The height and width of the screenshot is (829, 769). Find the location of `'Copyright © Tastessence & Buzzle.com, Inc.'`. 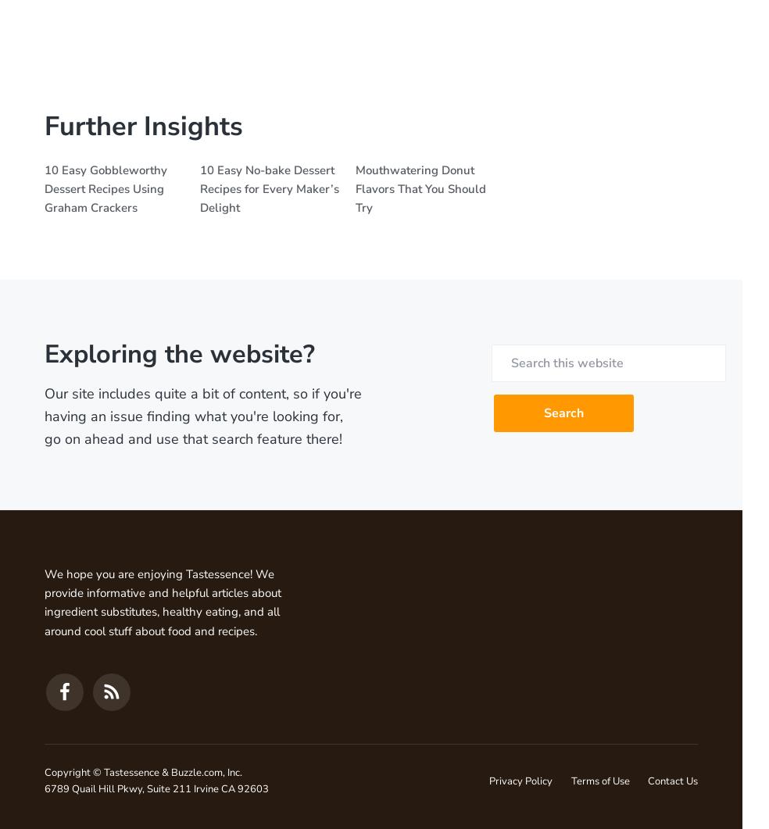

'Copyright © Tastessence & Buzzle.com, Inc.' is located at coordinates (143, 771).